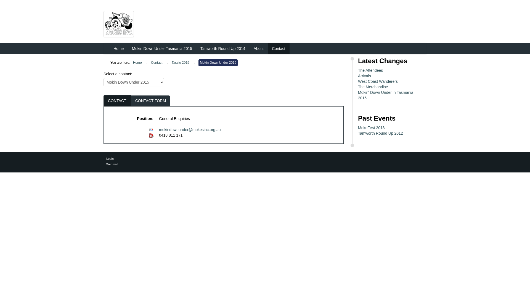  I want to click on 'Arrivals', so click(358, 76).